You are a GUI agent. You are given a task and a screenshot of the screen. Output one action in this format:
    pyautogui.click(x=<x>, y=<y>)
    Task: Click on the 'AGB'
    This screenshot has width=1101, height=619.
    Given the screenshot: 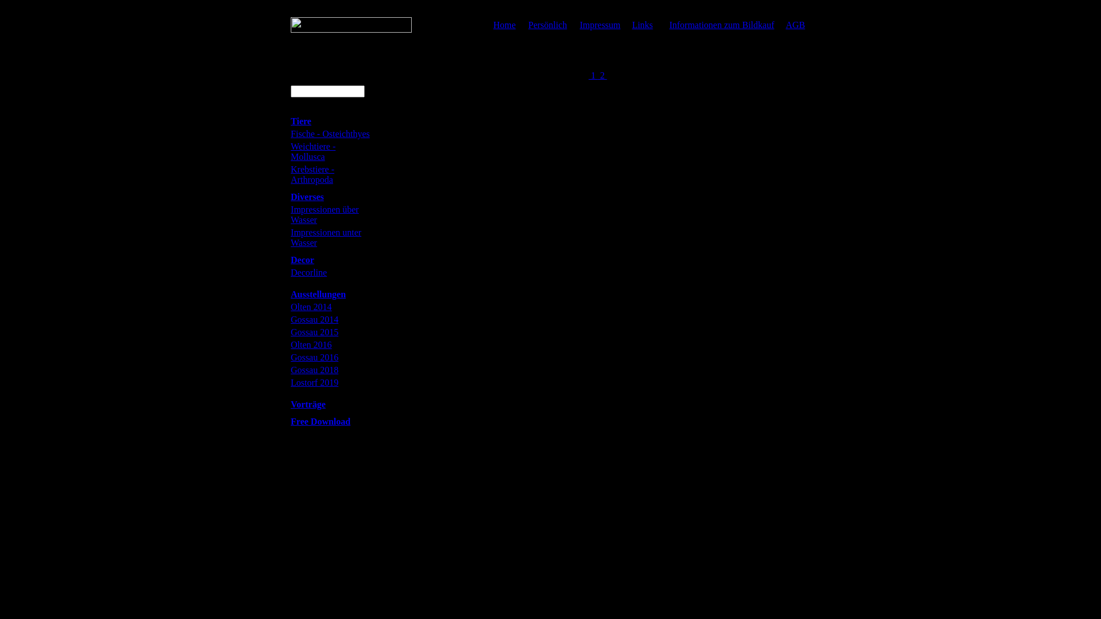 What is the action you would take?
    pyautogui.click(x=795, y=24)
    